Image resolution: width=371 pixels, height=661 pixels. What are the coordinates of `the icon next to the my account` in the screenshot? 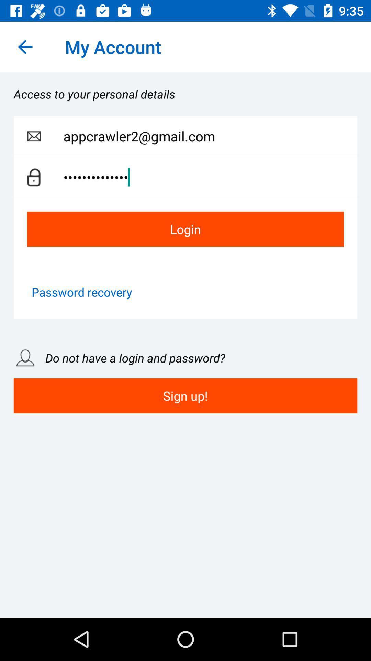 It's located at (25, 46).